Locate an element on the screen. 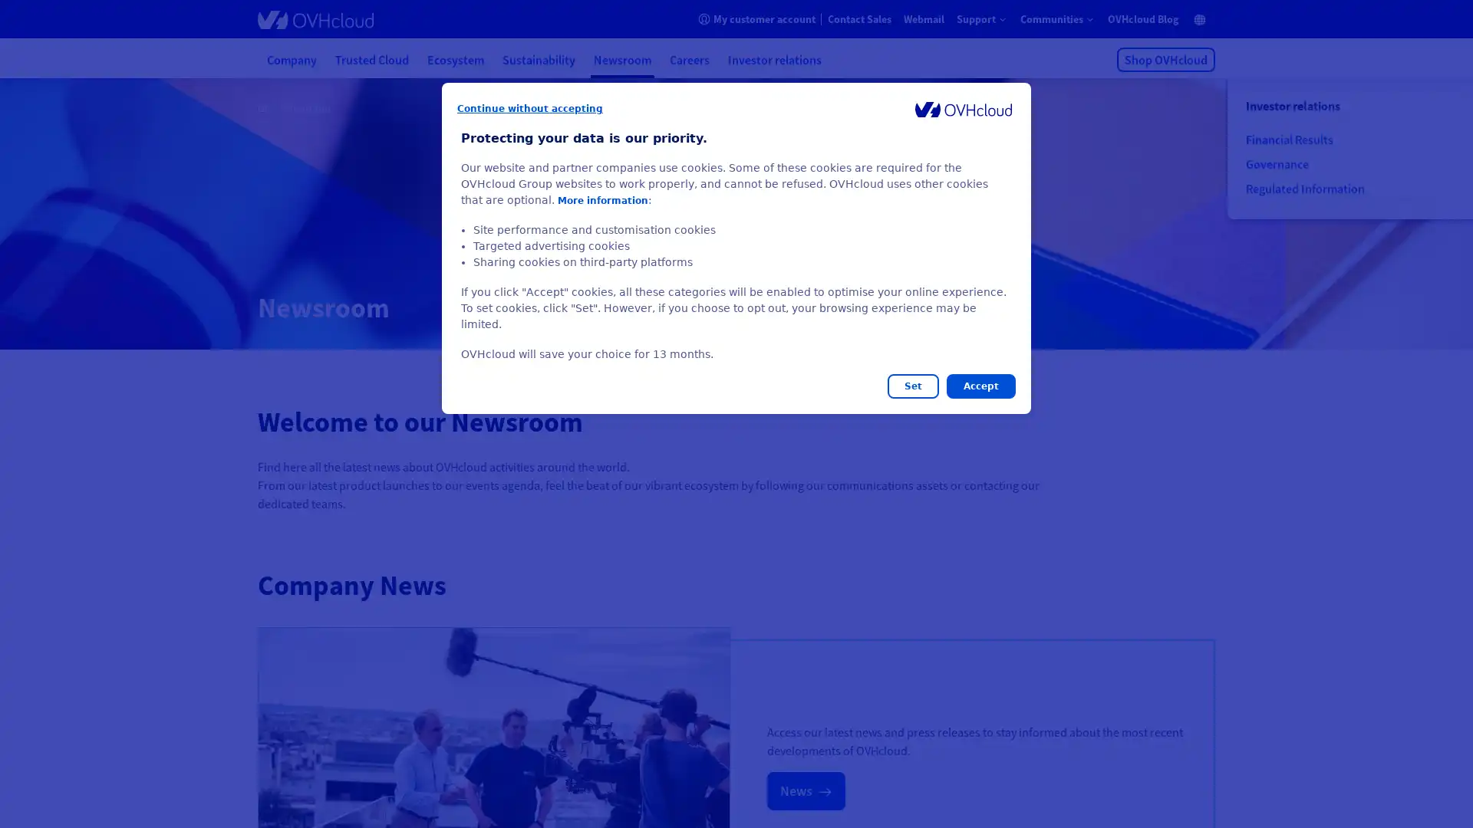 This screenshot has width=1473, height=828. Accept is located at coordinates (980, 386).